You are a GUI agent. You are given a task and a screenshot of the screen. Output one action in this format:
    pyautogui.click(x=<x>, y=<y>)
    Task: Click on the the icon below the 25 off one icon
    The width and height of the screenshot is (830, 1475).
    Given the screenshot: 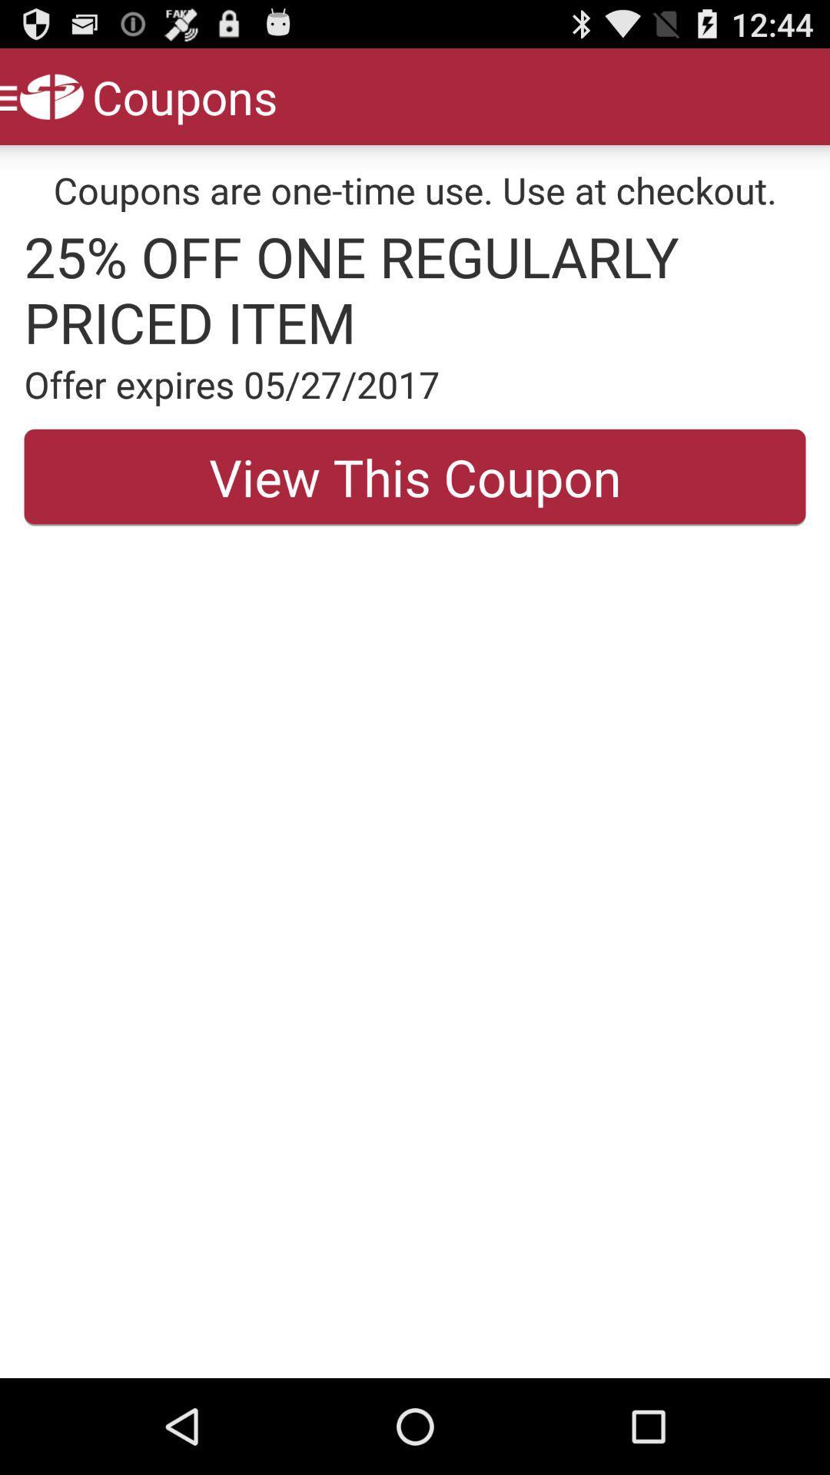 What is the action you would take?
    pyautogui.click(x=415, y=384)
    